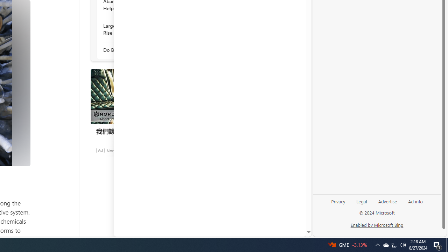 This screenshot has width=448, height=252. What do you see at coordinates (415, 204) in the screenshot?
I see `'Ad info'` at bounding box center [415, 204].